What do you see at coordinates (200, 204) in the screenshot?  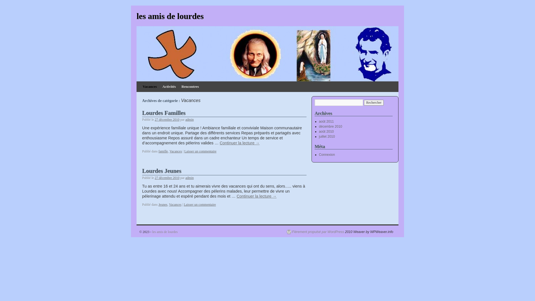 I see `'Laisser un commentaire'` at bounding box center [200, 204].